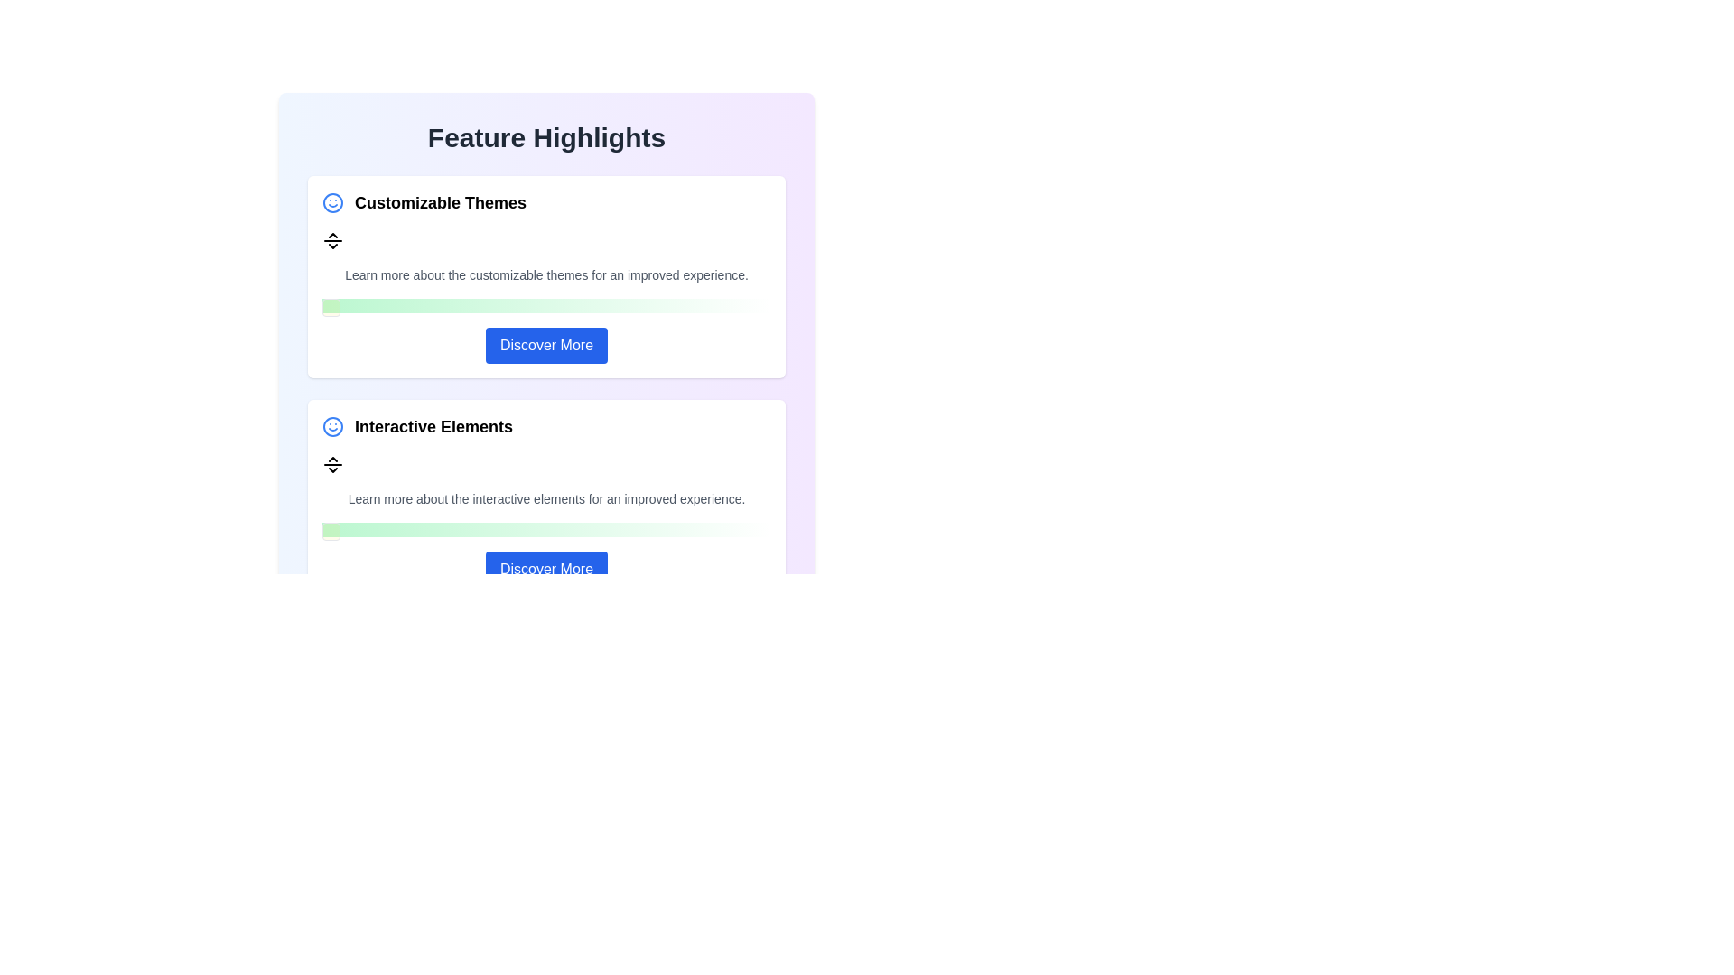 This screenshot has height=975, width=1734. I want to click on the icon representing 'Customizable Themes' located to the left of the section title, so click(333, 202).